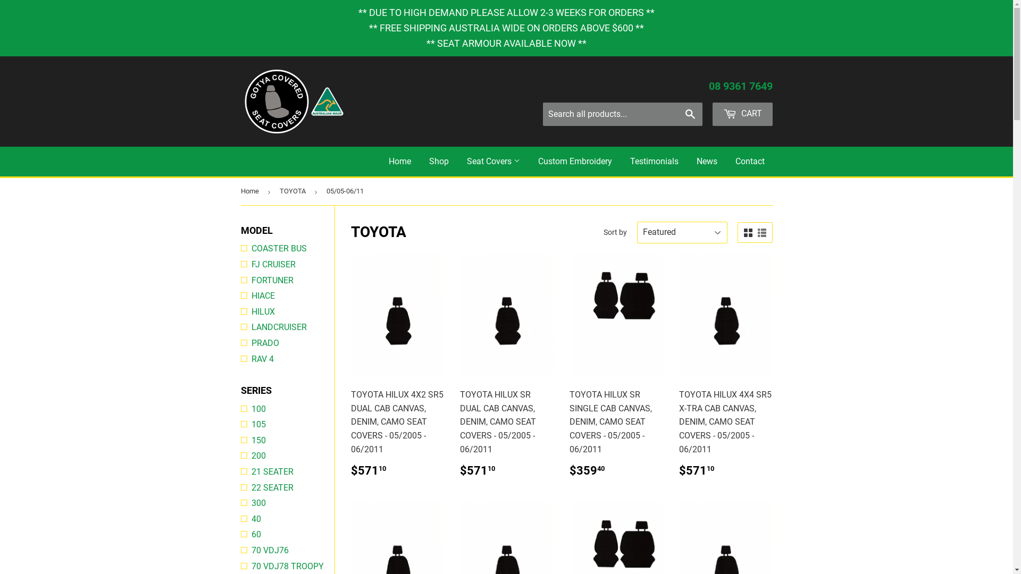  Describe the element at coordinates (287, 455) in the screenshot. I see `'200'` at that location.